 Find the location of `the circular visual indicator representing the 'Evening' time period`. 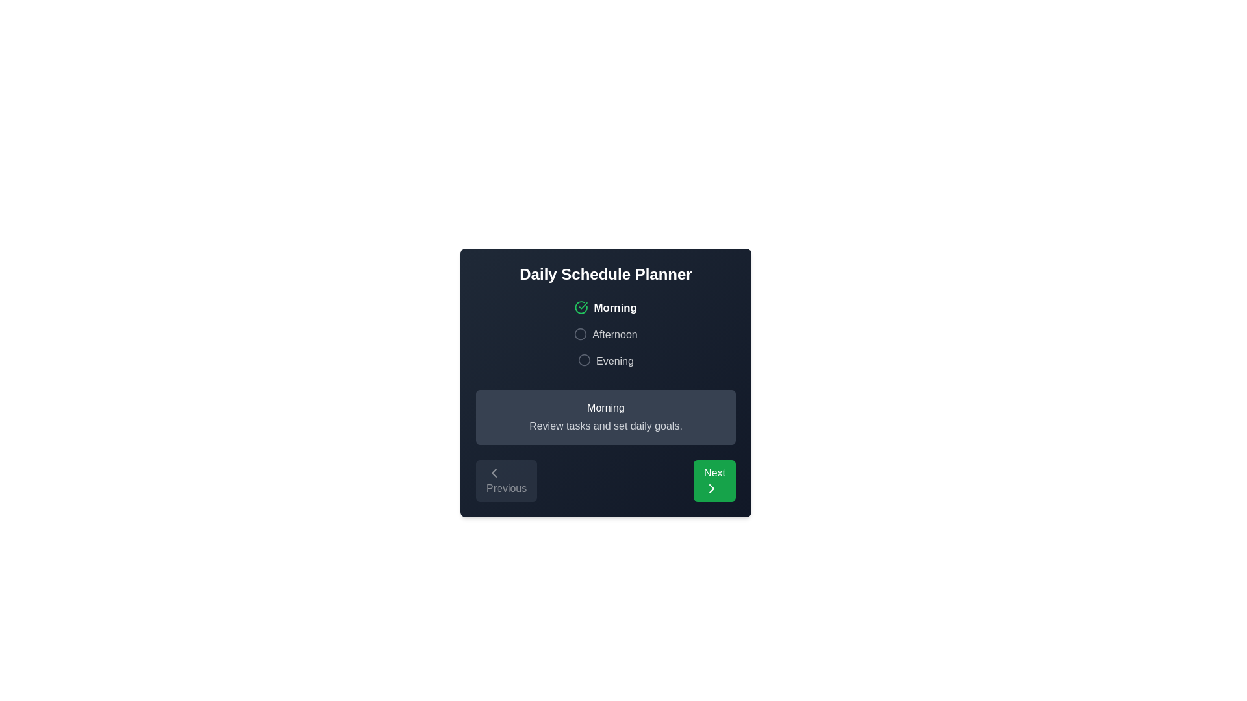

the circular visual indicator representing the 'Evening' time period is located at coordinates (584, 360).